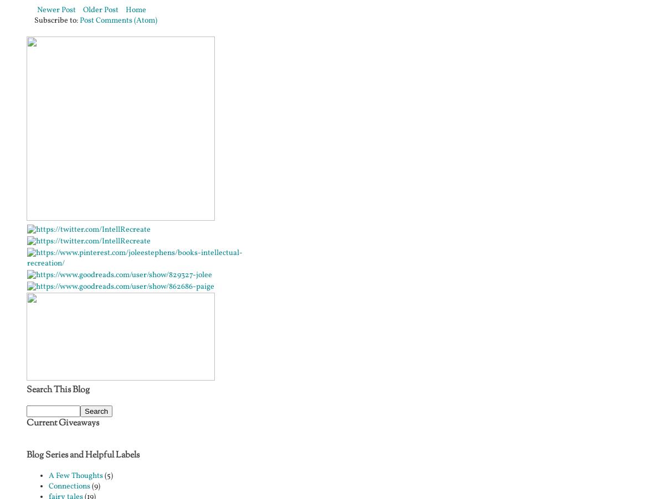 The height and width of the screenshot is (499, 669). What do you see at coordinates (69, 486) in the screenshot?
I see `'Connections'` at bounding box center [69, 486].